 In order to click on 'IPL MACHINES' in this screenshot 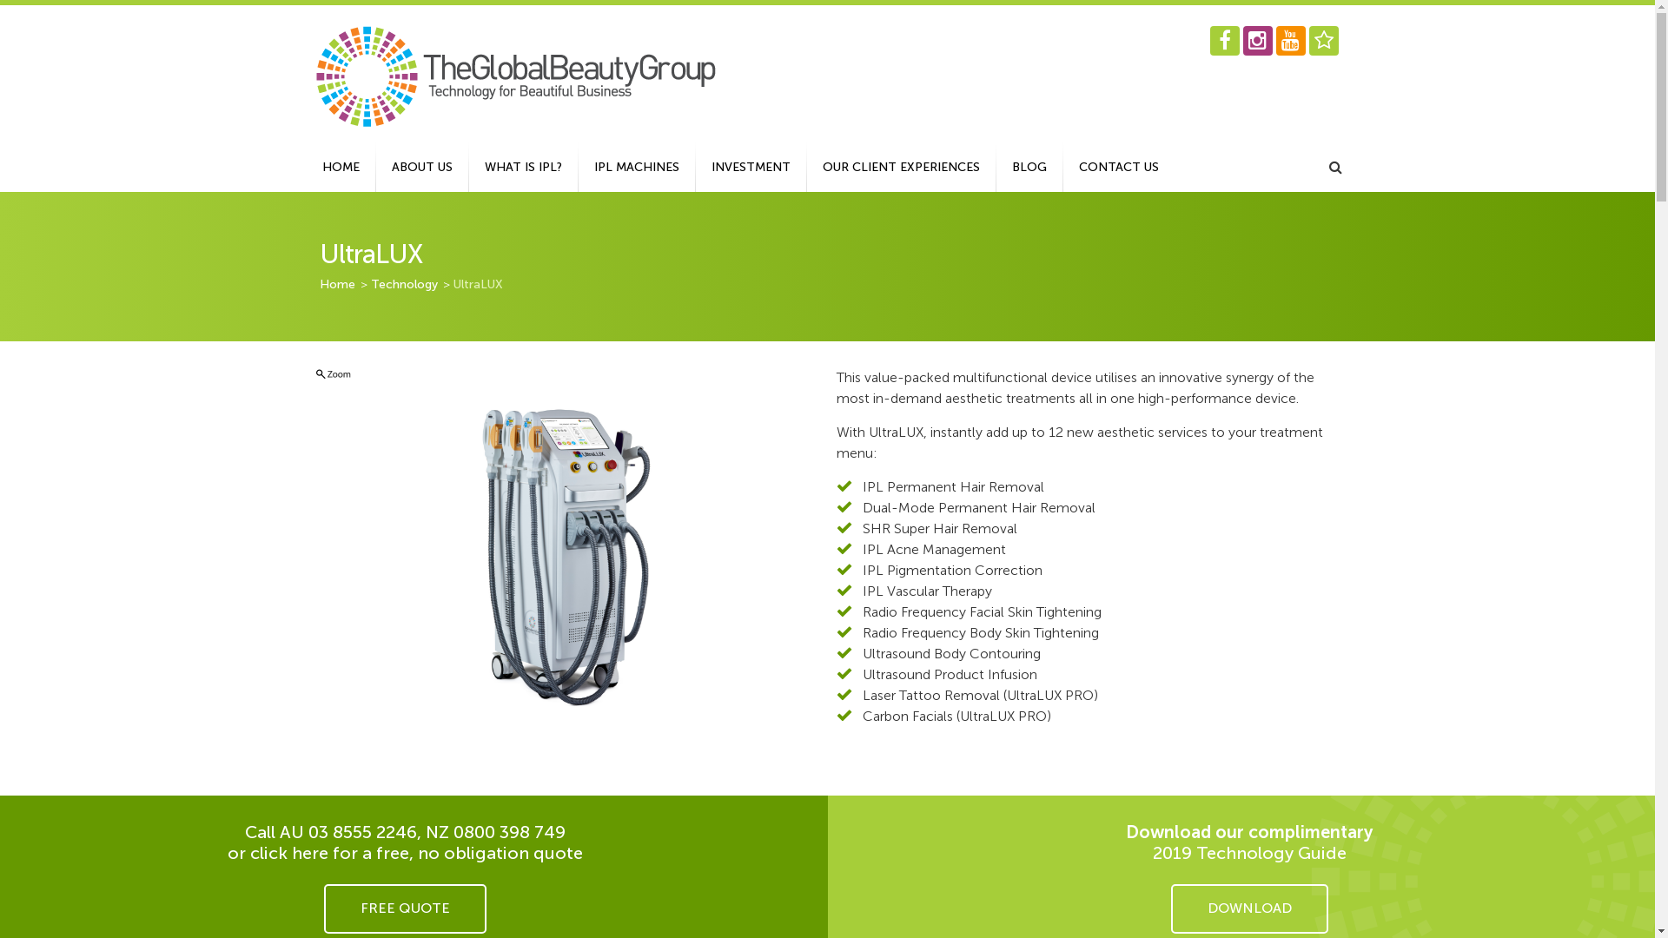, I will do `click(636, 167)`.